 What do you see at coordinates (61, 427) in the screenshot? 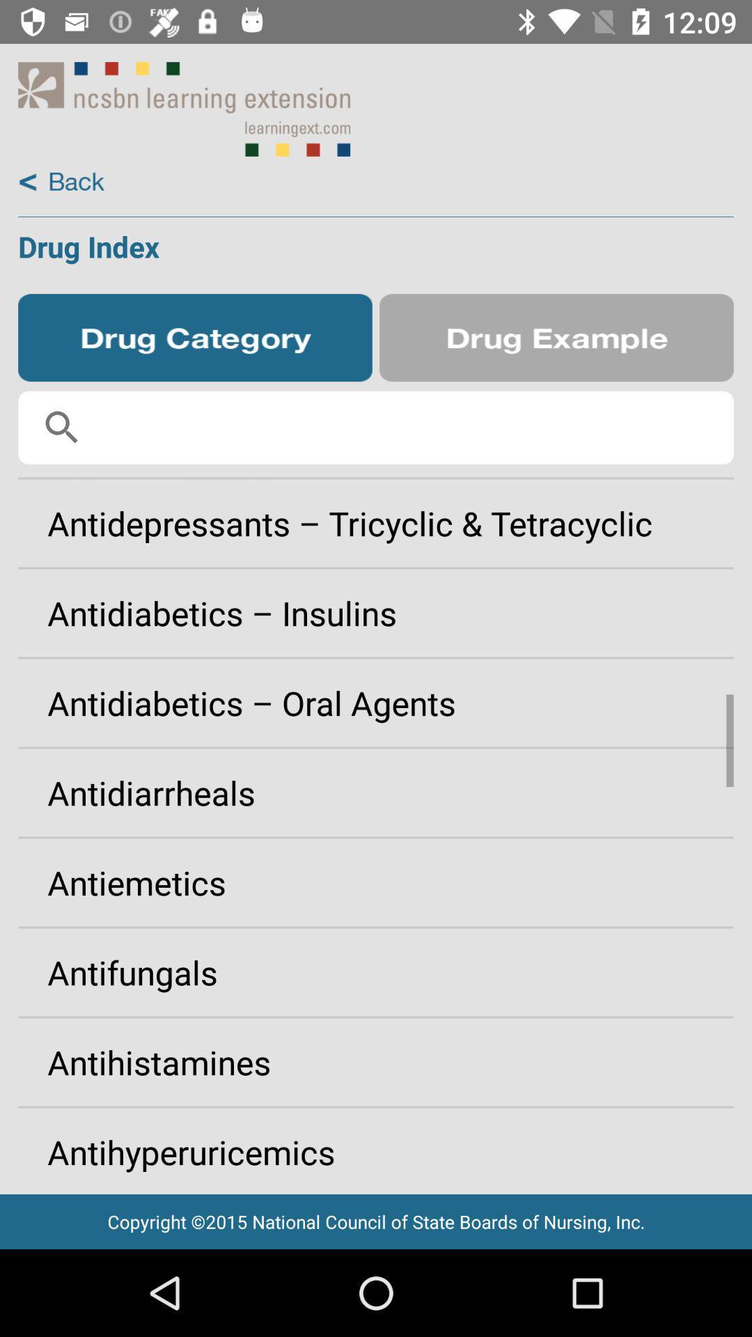
I see `the search icon` at bounding box center [61, 427].